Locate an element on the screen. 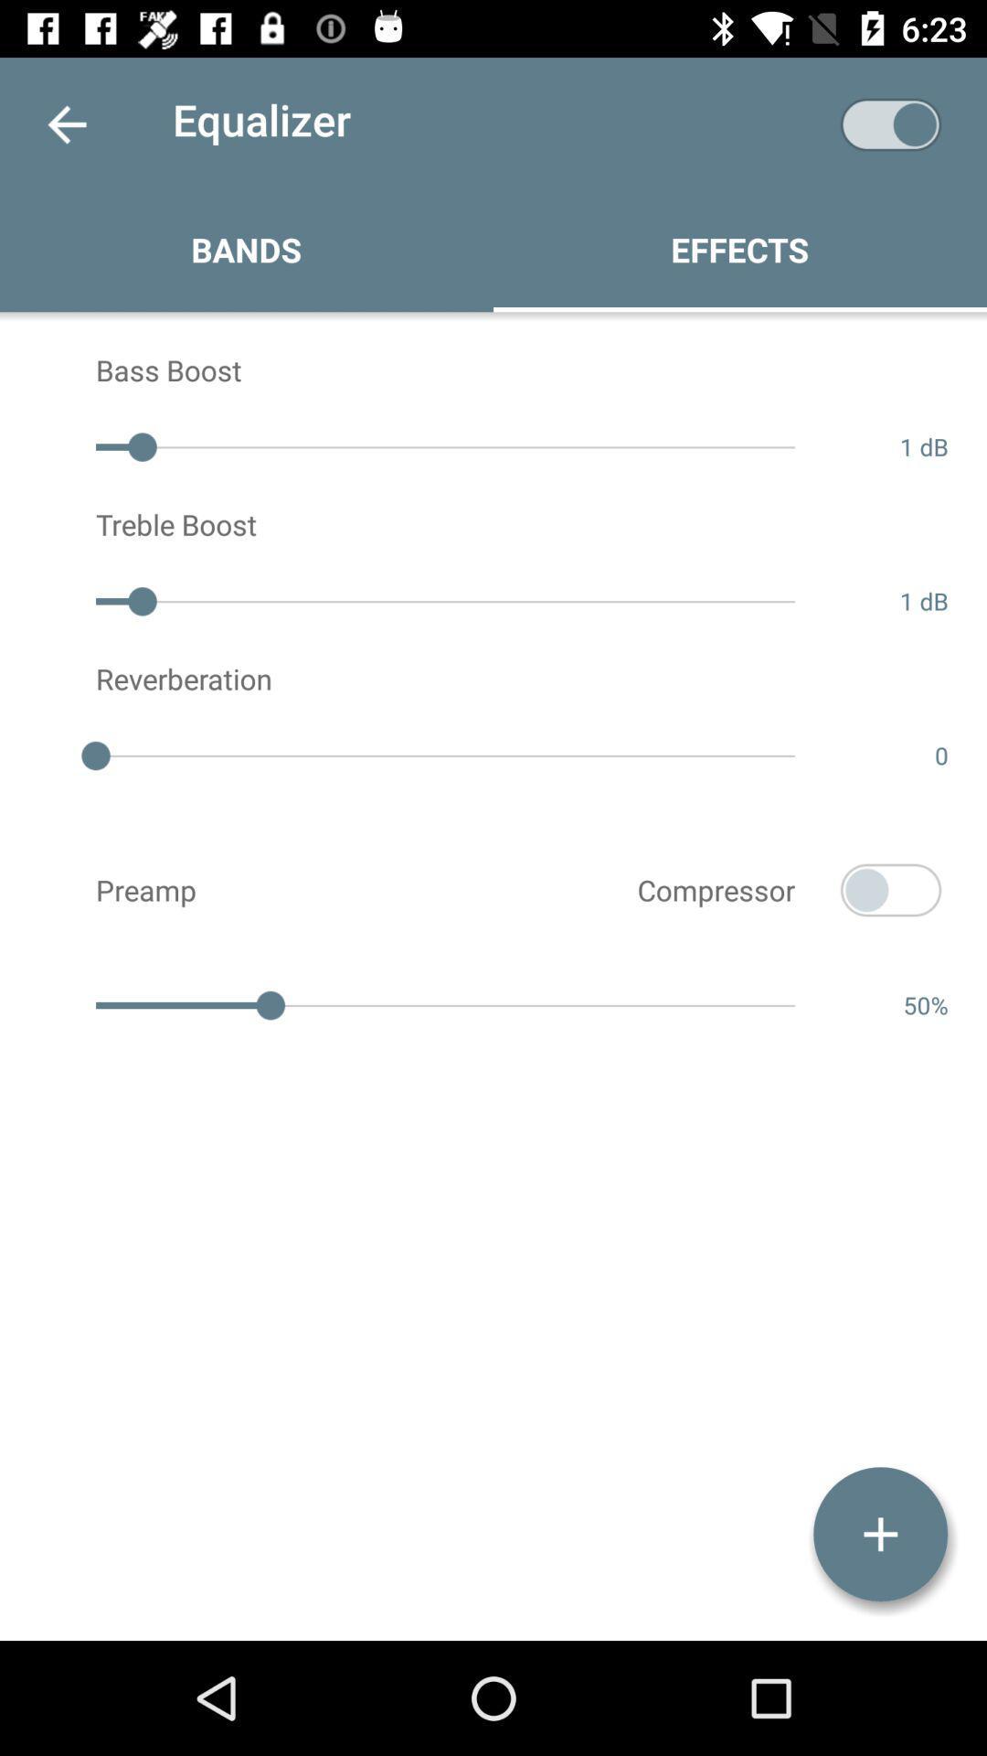 This screenshot has width=987, height=1756. the icon next to compressor icon is located at coordinates (890, 890).